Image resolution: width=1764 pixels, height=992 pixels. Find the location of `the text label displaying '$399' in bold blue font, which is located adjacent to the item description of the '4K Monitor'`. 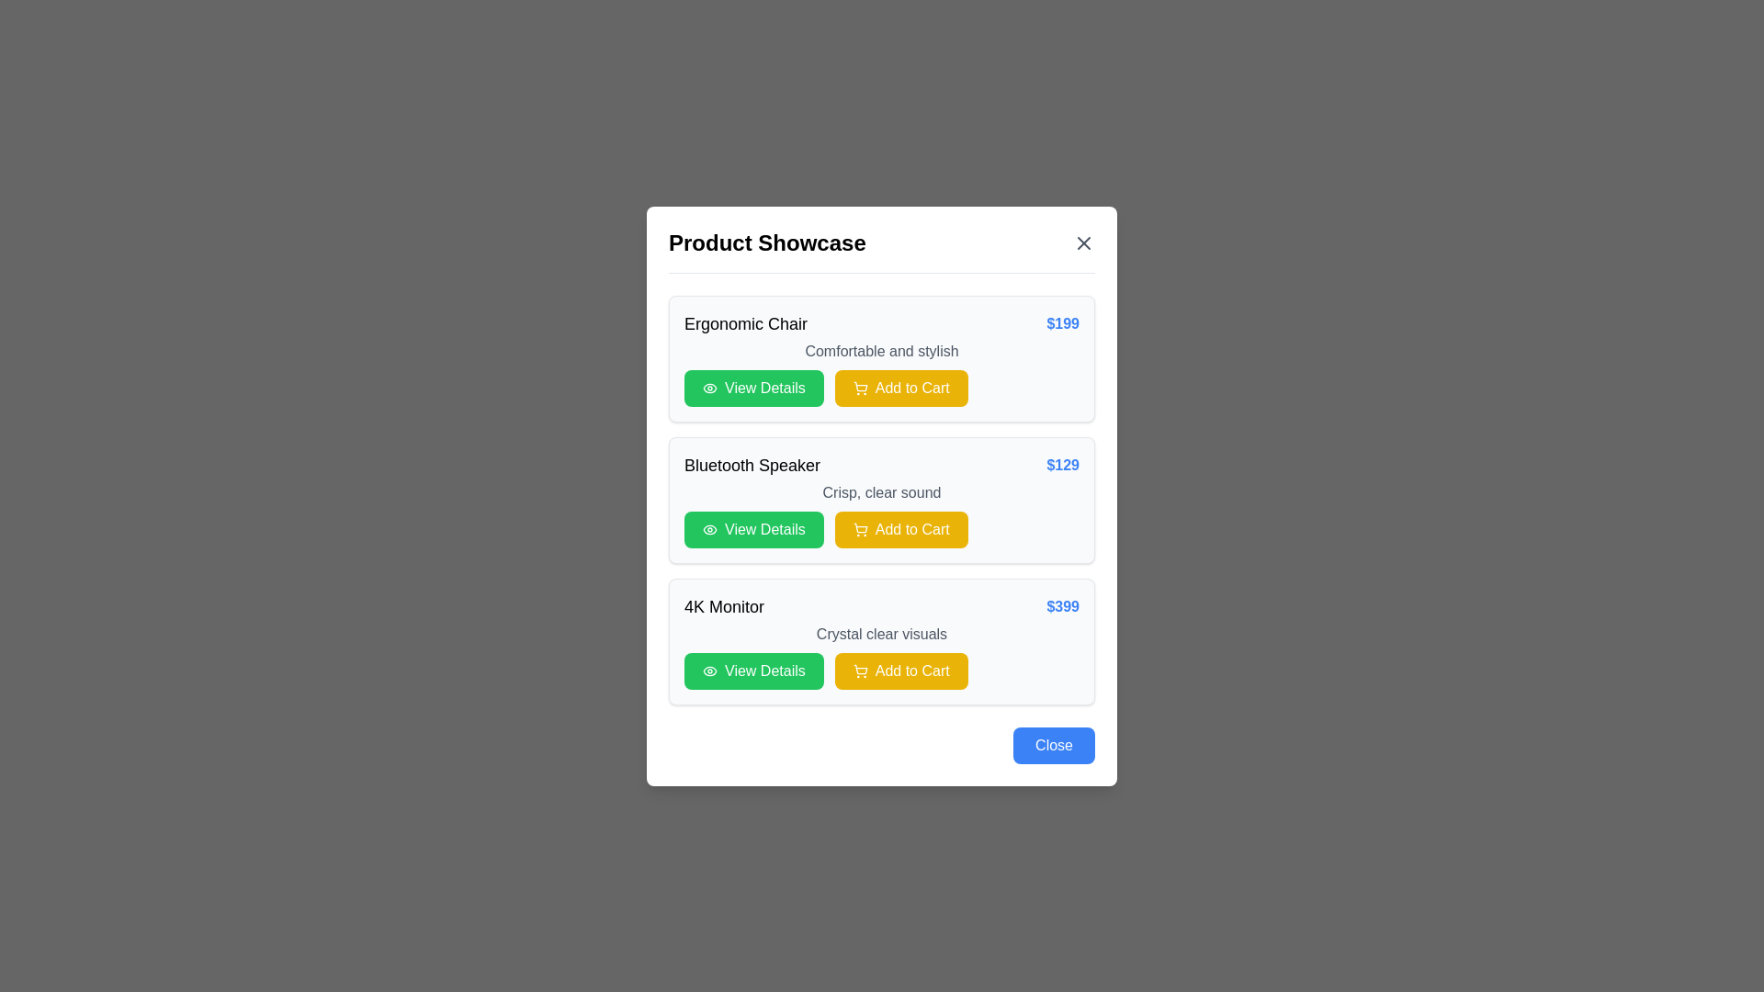

the text label displaying '$399' in bold blue font, which is located adjacent to the item description of the '4K Monitor' is located at coordinates (1063, 606).